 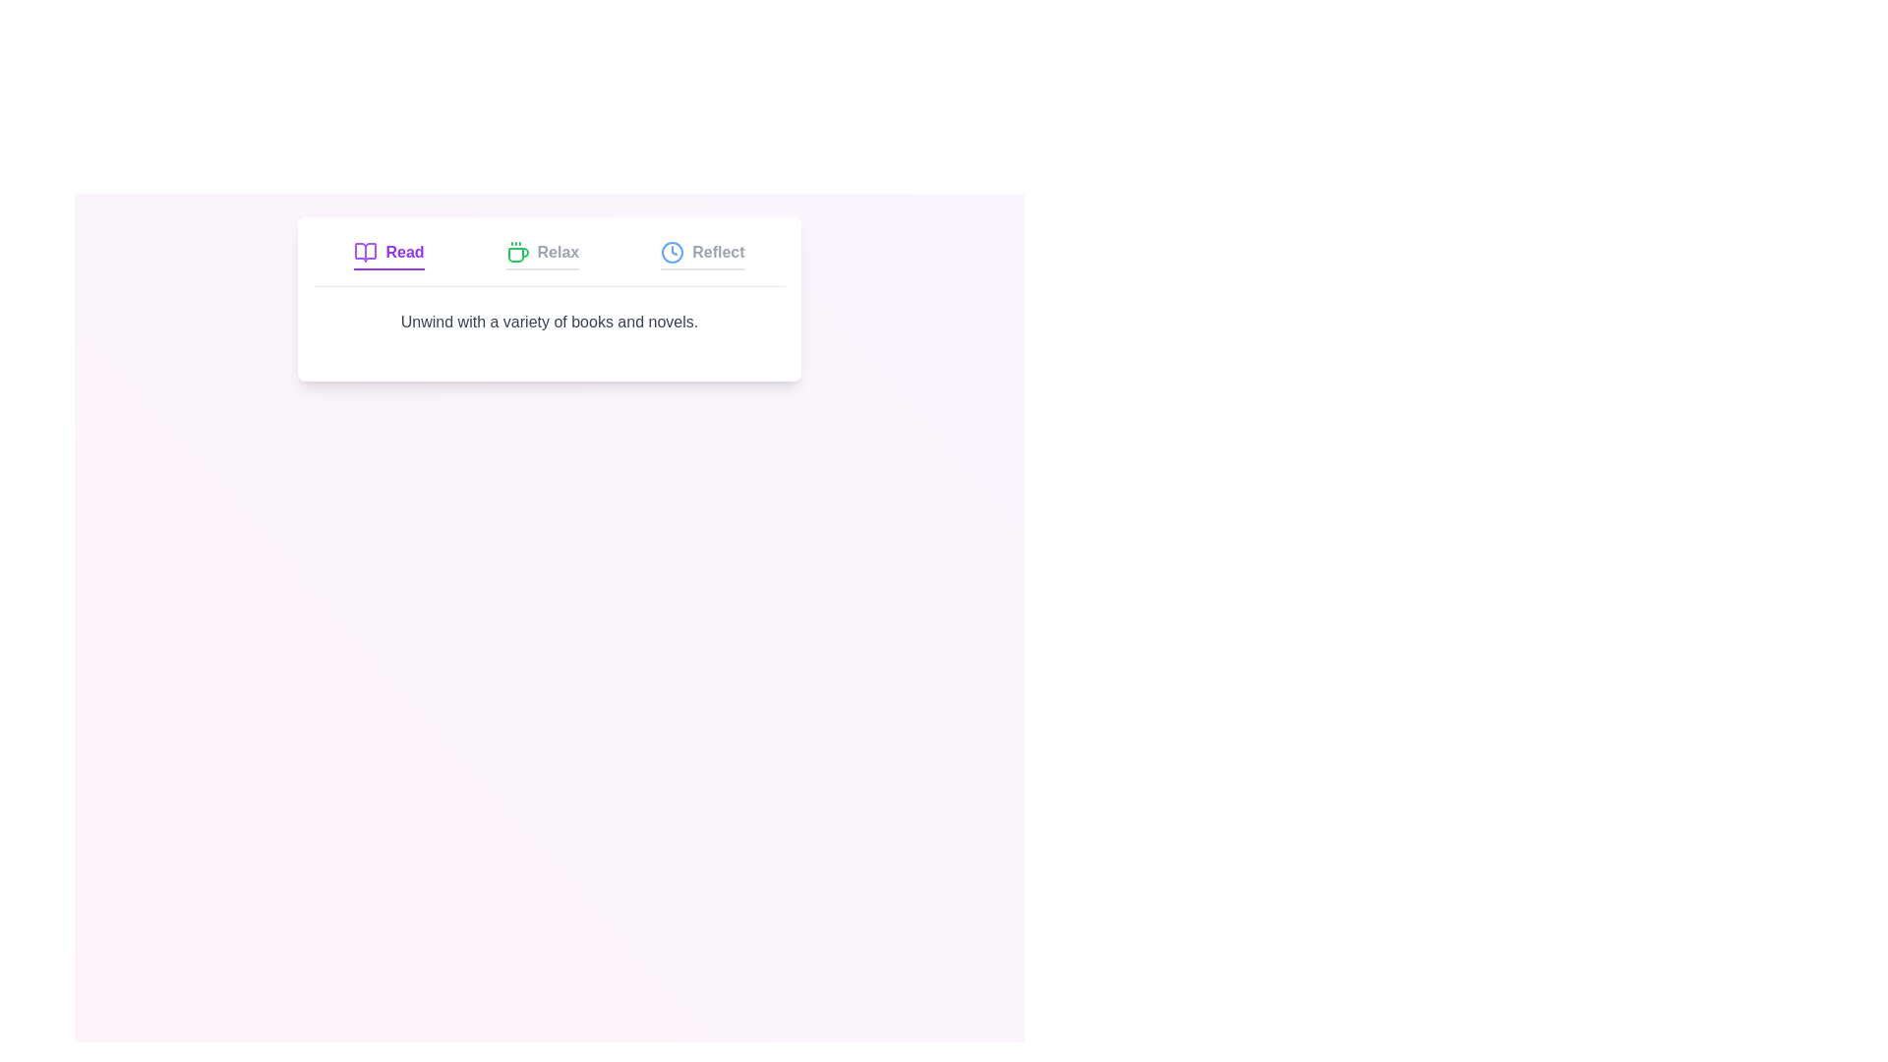 I want to click on the Relax tab to activate it, so click(x=543, y=254).